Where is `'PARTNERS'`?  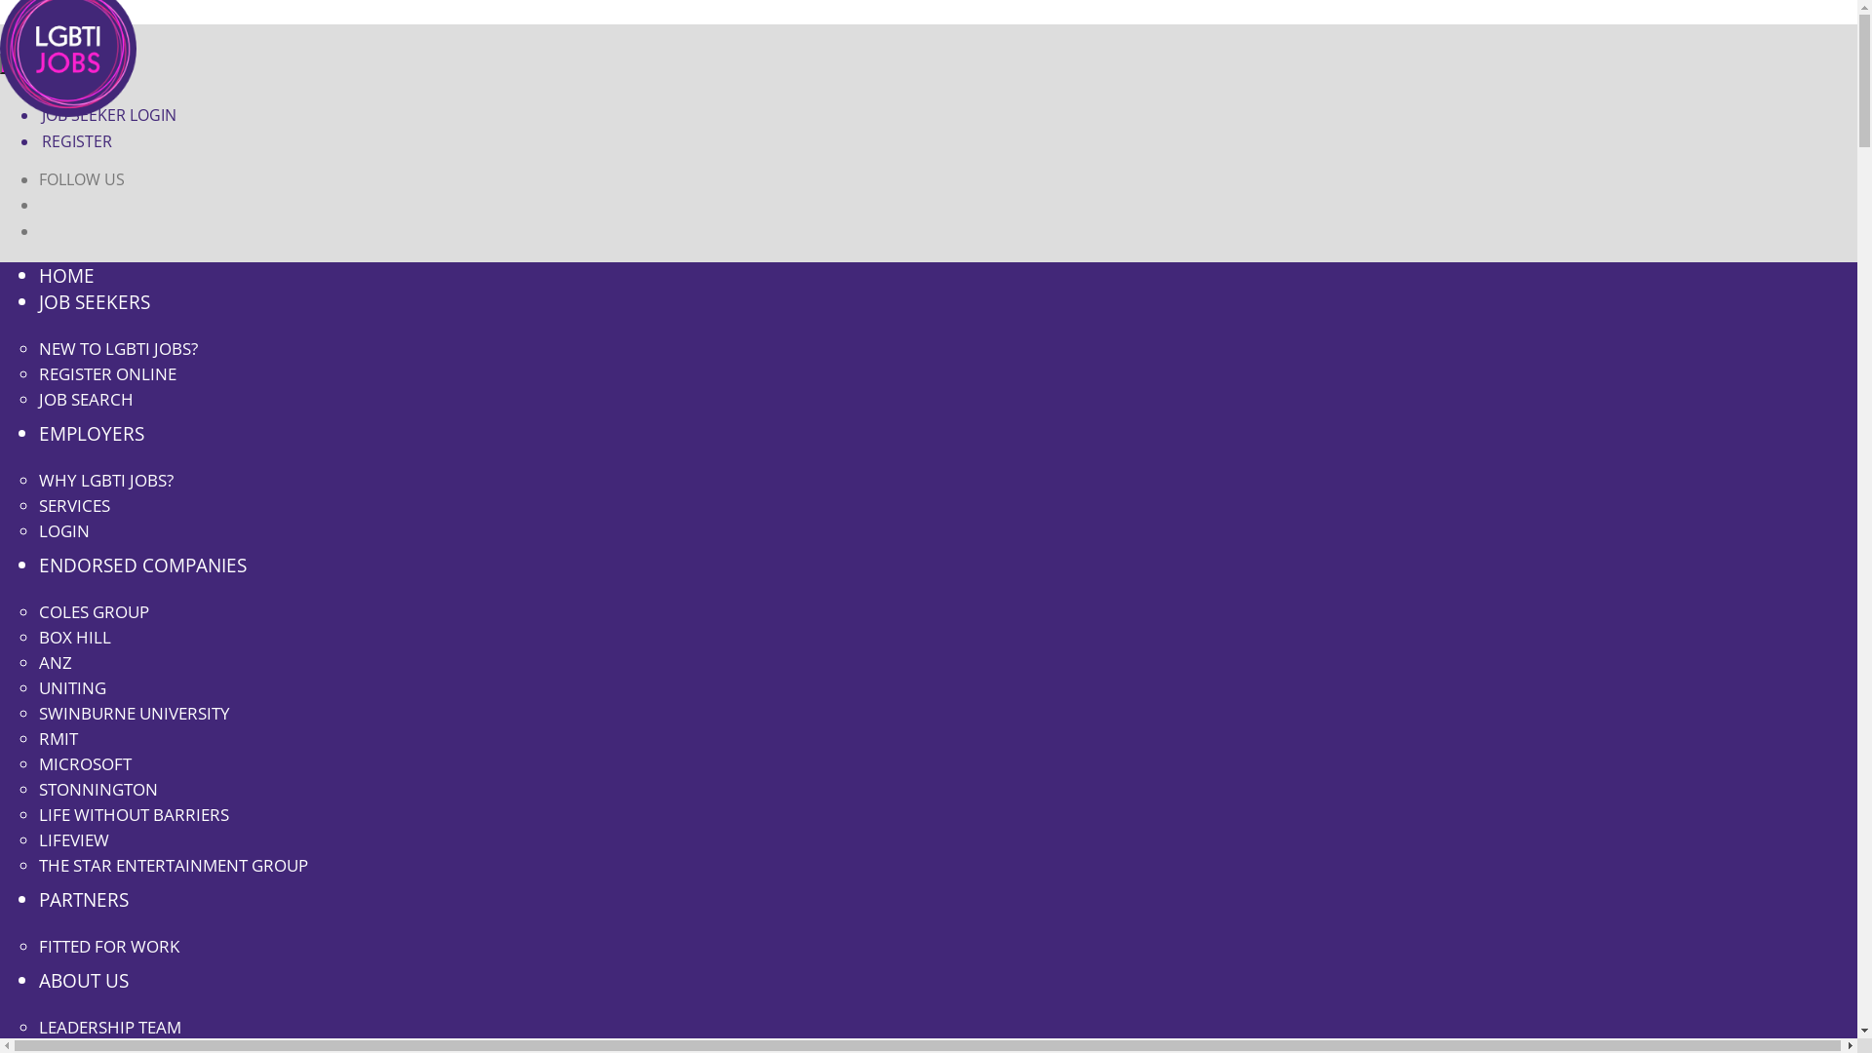
'PARTNERS' is located at coordinates (83, 899).